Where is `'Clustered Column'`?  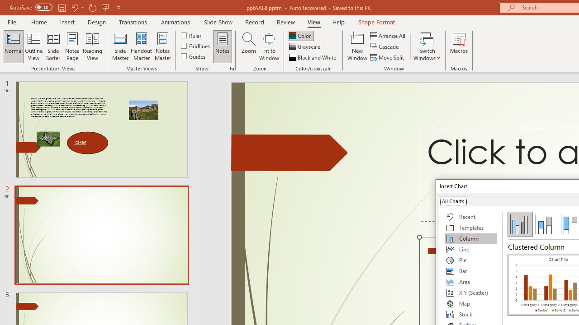 'Clustered Column' is located at coordinates (520, 223).